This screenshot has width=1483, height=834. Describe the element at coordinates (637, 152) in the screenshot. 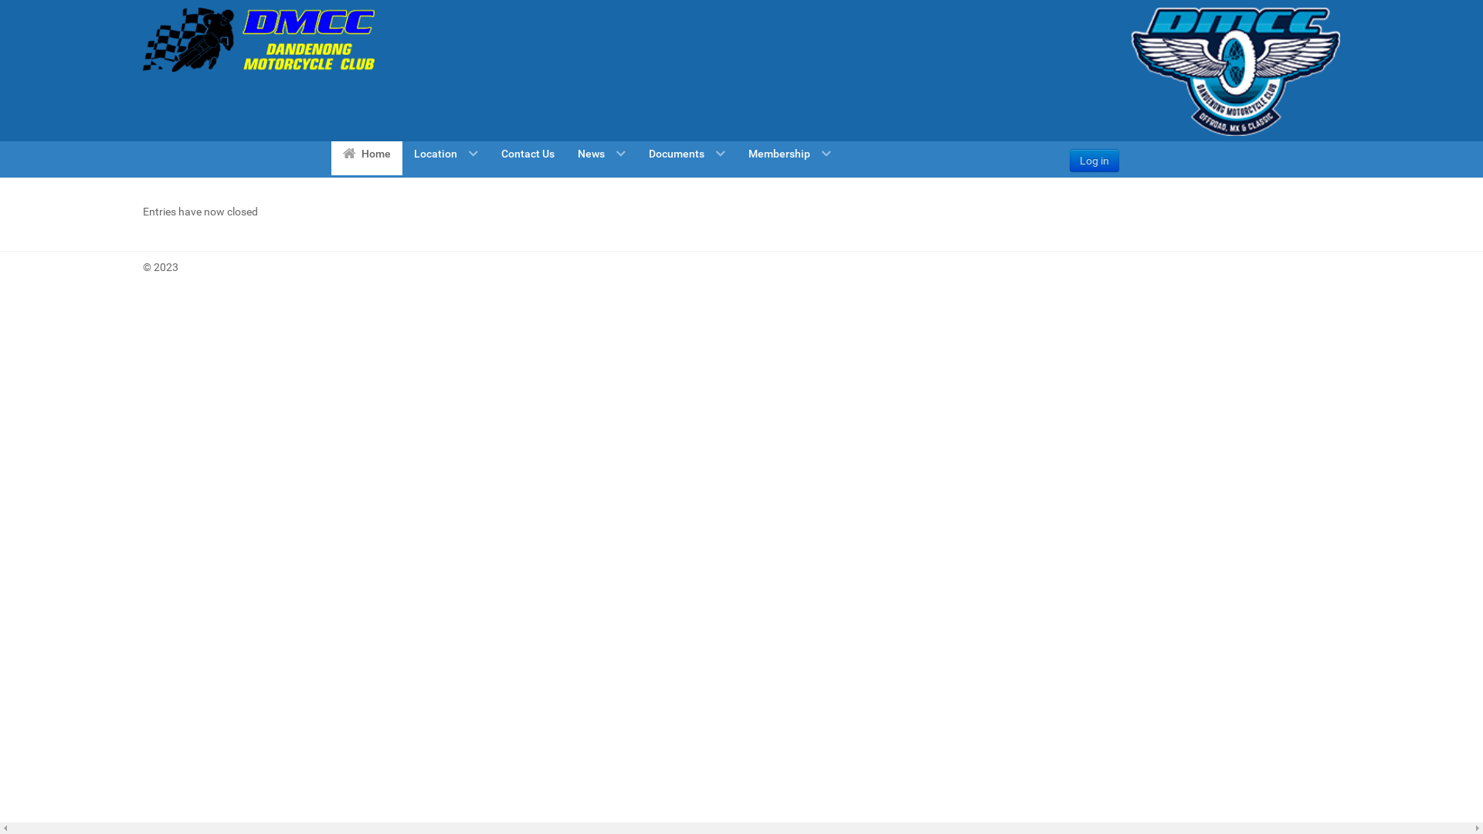

I see `'Documents'` at that location.